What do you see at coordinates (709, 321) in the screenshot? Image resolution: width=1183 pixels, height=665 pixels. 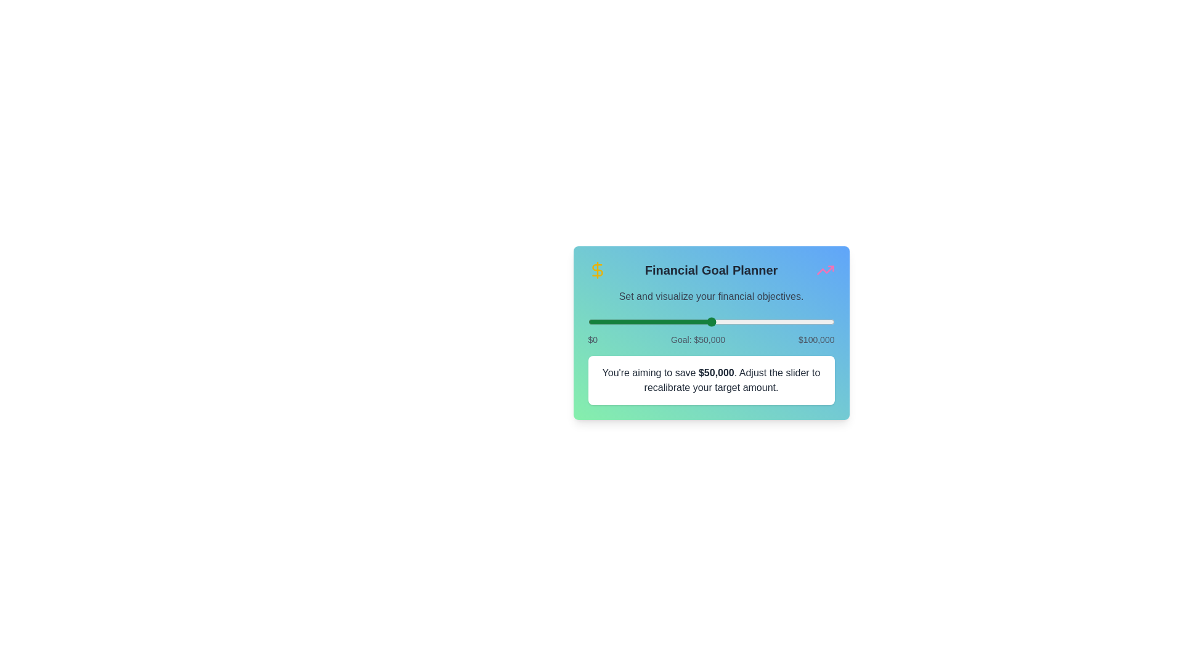 I see `the slider to set the financial goal to 49069 dollars` at bounding box center [709, 321].